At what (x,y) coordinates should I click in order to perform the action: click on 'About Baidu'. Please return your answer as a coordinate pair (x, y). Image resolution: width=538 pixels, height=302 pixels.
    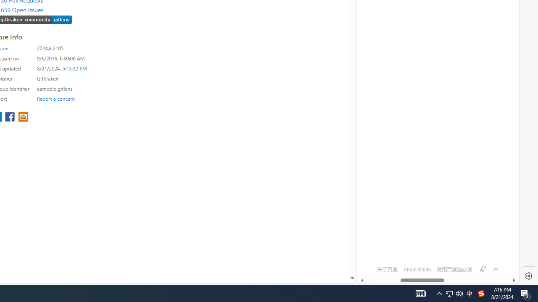
    Looking at the image, I should click on (417, 269).